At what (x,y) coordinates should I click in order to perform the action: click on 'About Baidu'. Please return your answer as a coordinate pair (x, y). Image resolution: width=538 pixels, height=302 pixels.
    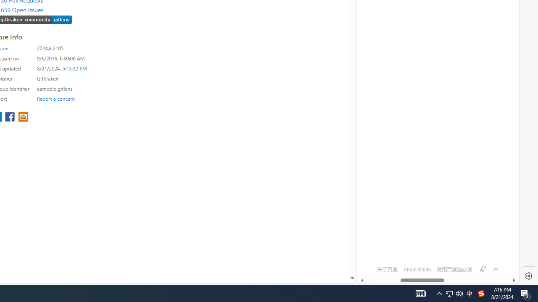
    Looking at the image, I should click on (417, 269).